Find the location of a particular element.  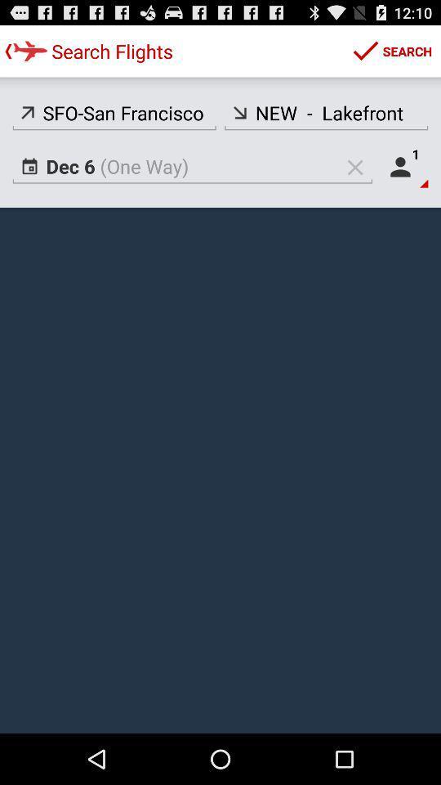

the avatar icon is located at coordinates (403, 178).